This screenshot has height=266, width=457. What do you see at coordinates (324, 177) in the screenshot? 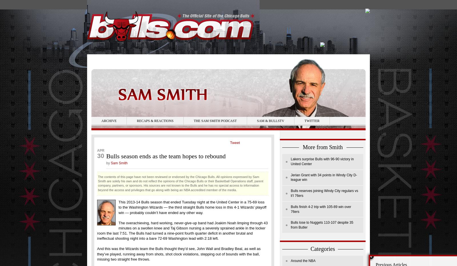
I see `'Jerian Grant with 34 points in Windy City D-league win'` at bounding box center [324, 177].